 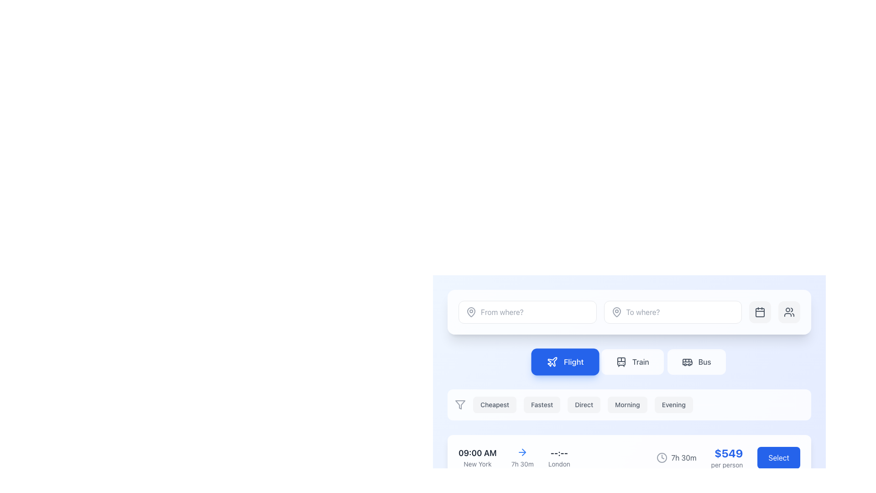 What do you see at coordinates (522, 457) in the screenshot?
I see `the text-based informational display component that shows the duration of the flight or journey, located between the departure and arrival times` at bounding box center [522, 457].